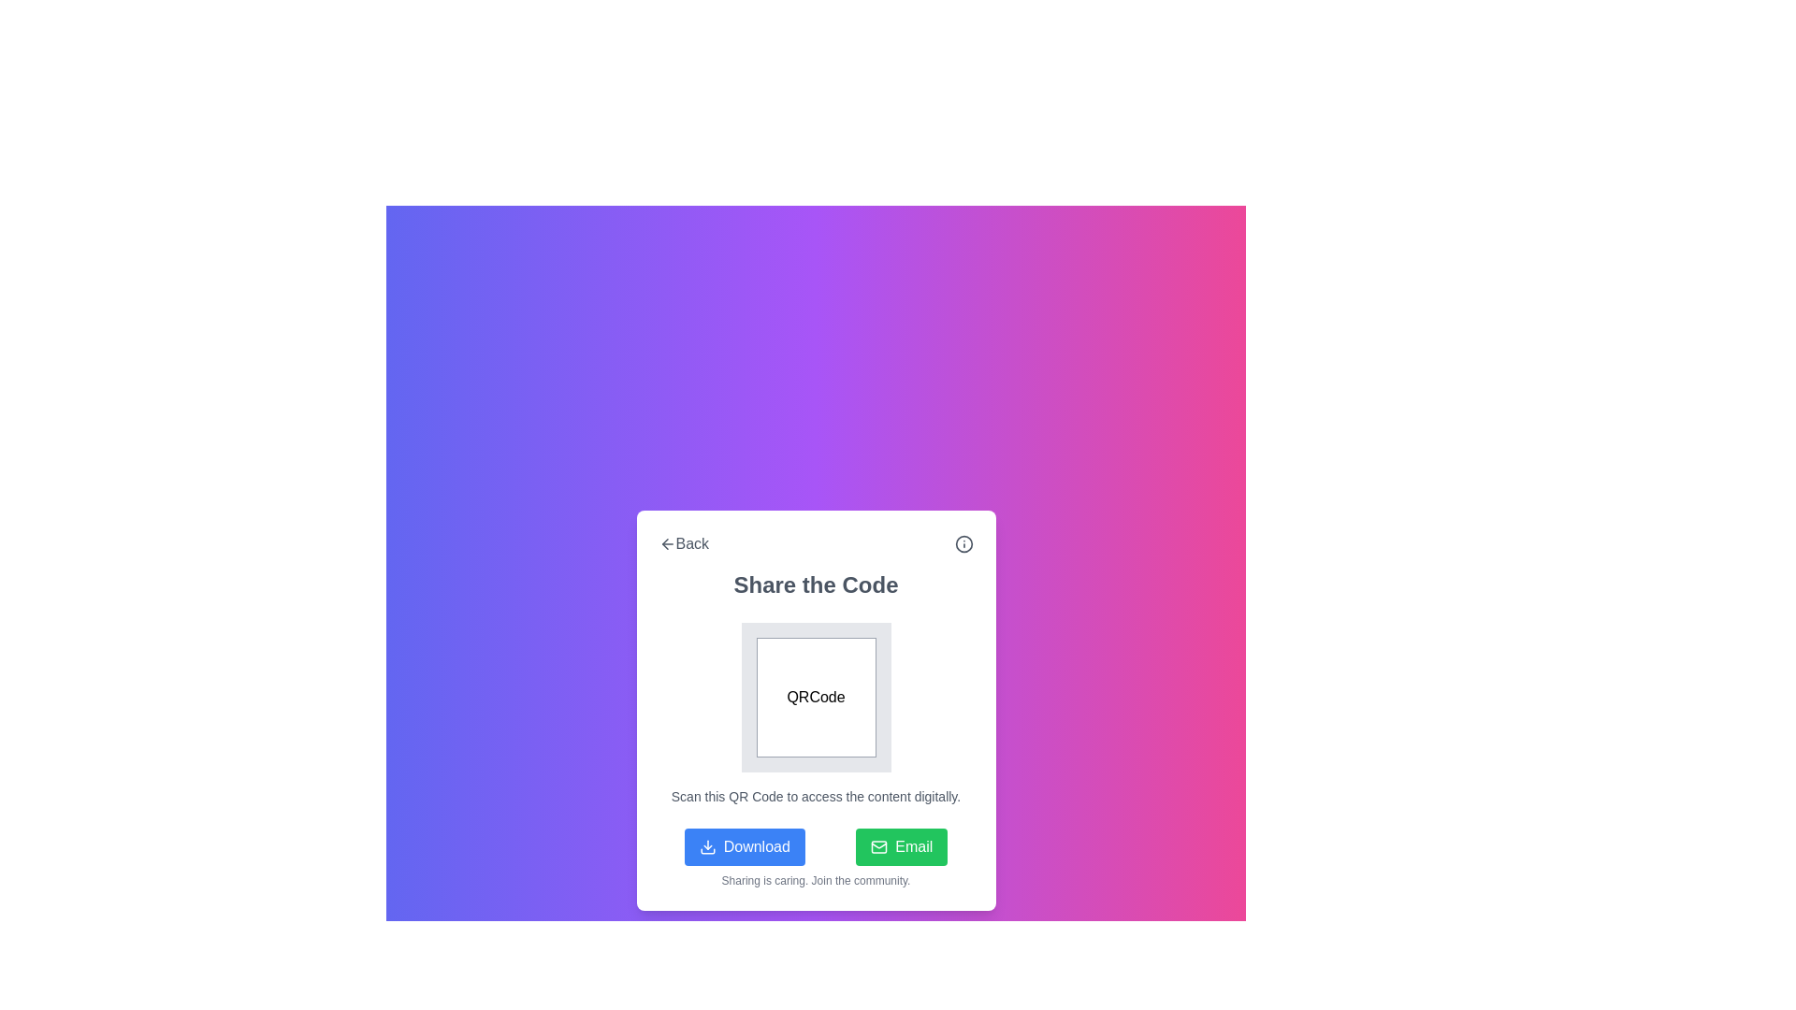 This screenshot has height=1010, width=1796. What do you see at coordinates (816, 584) in the screenshot?
I see `text label displaying 'Share the Code' which is prominently positioned above a QR code image within a white card interface` at bounding box center [816, 584].